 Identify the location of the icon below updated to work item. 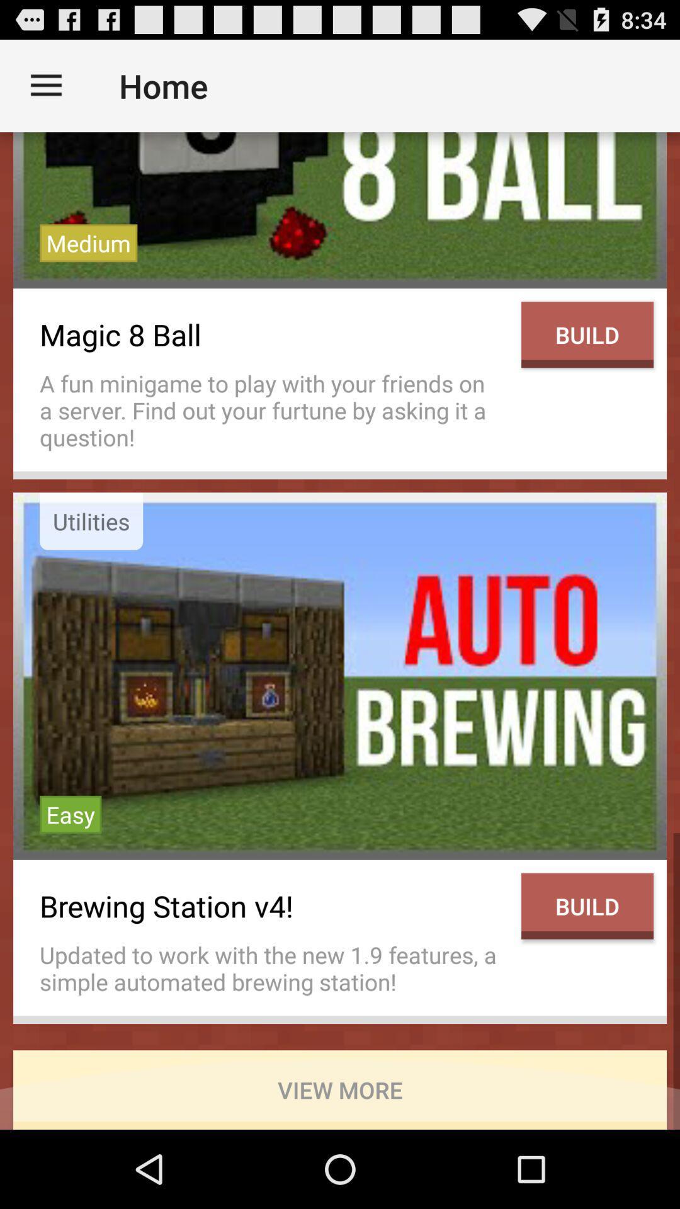
(340, 1089).